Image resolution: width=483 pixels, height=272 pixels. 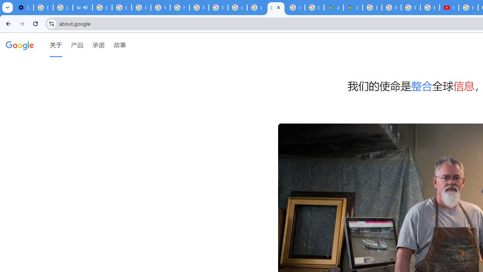 I want to click on 'Privacy Help Center - Policies Help', so click(x=392, y=8).